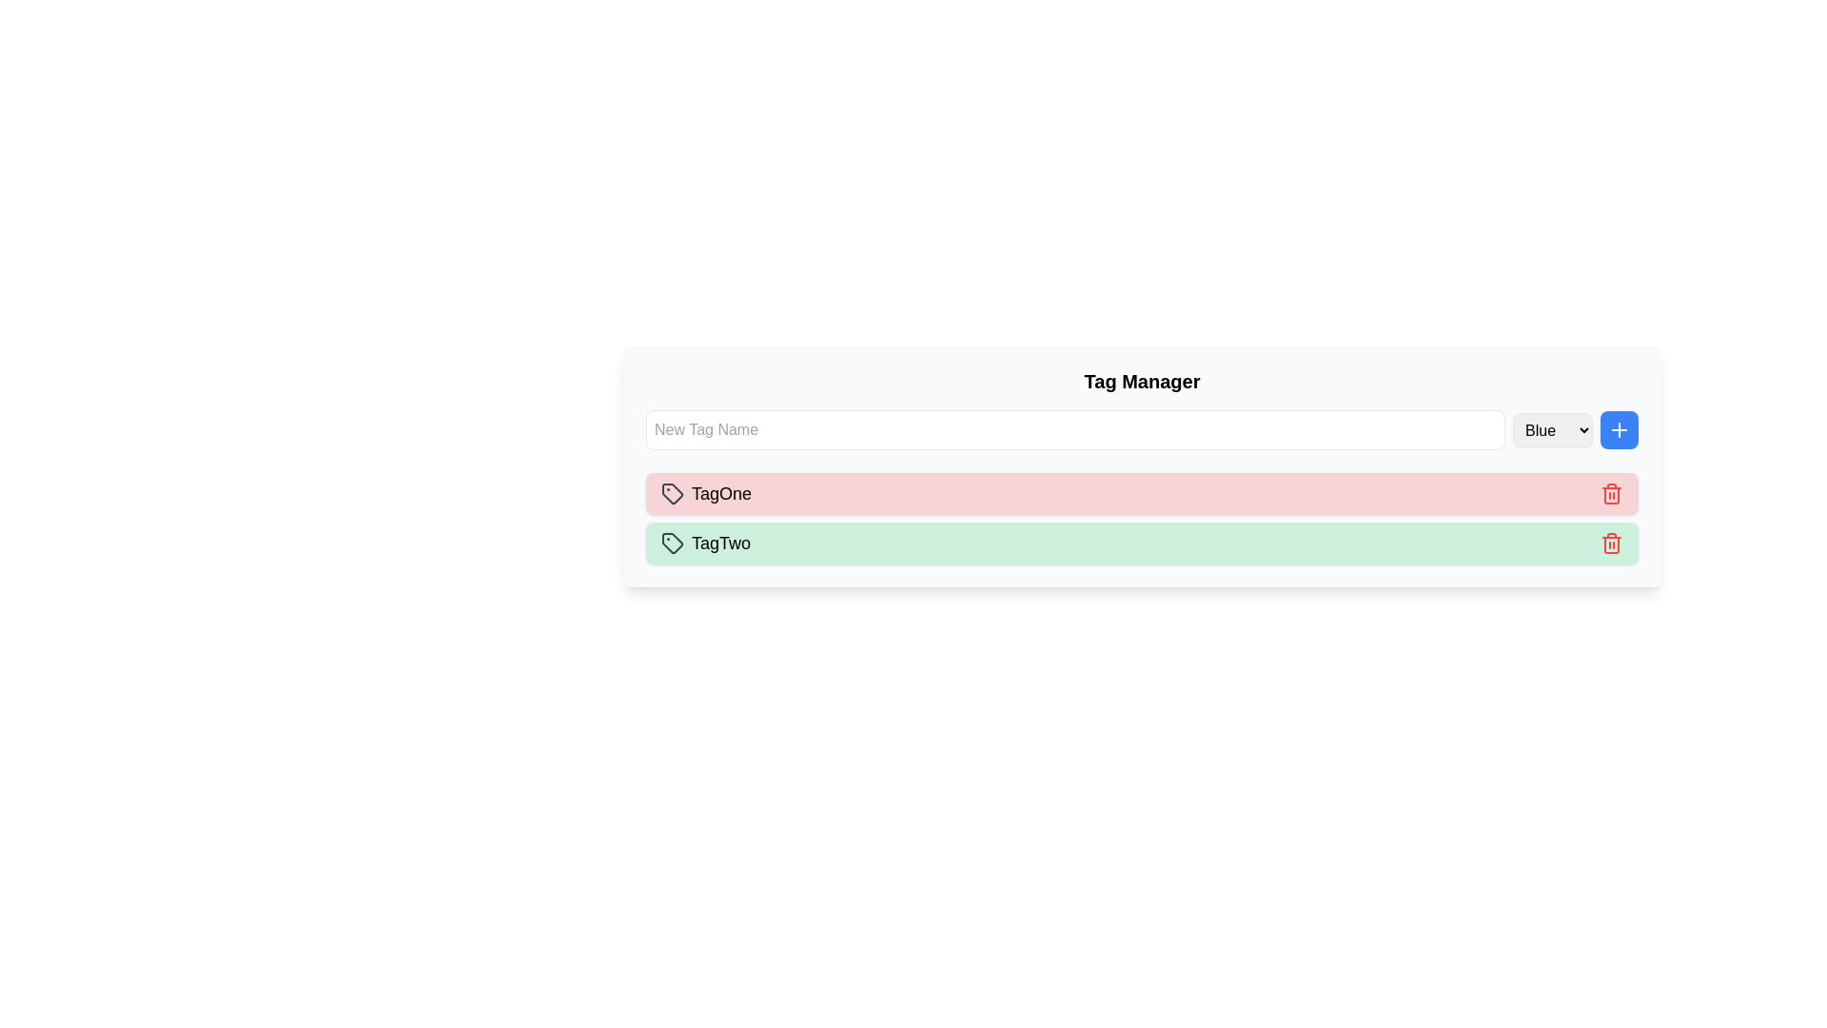 The height and width of the screenshot is (1028, 1827). Describe the element at coordinates (1619, 429) in the screenshot. I see `the blue circular button with a white plus sign located in the upper-right section of the interface, adjacent to the 'Blue' dropdown menu` at that location.